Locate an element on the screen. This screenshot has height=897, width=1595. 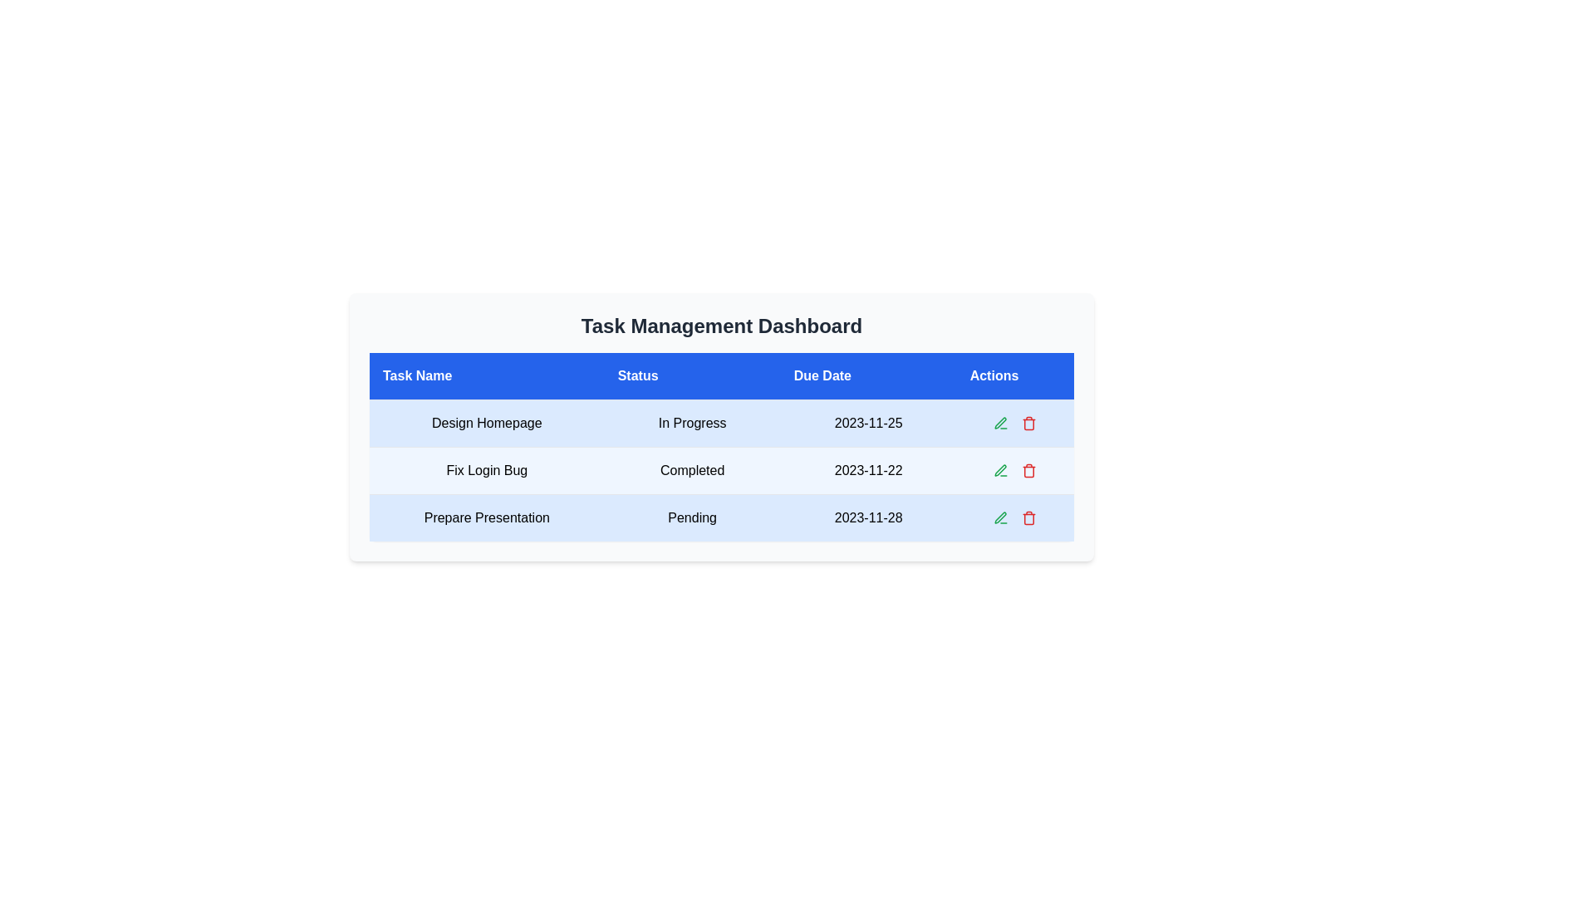
the 'Completed' text label in the second row of the 'Status' column of the table, which is centrally placed on a light blue background is located at coordinates (692, 471).